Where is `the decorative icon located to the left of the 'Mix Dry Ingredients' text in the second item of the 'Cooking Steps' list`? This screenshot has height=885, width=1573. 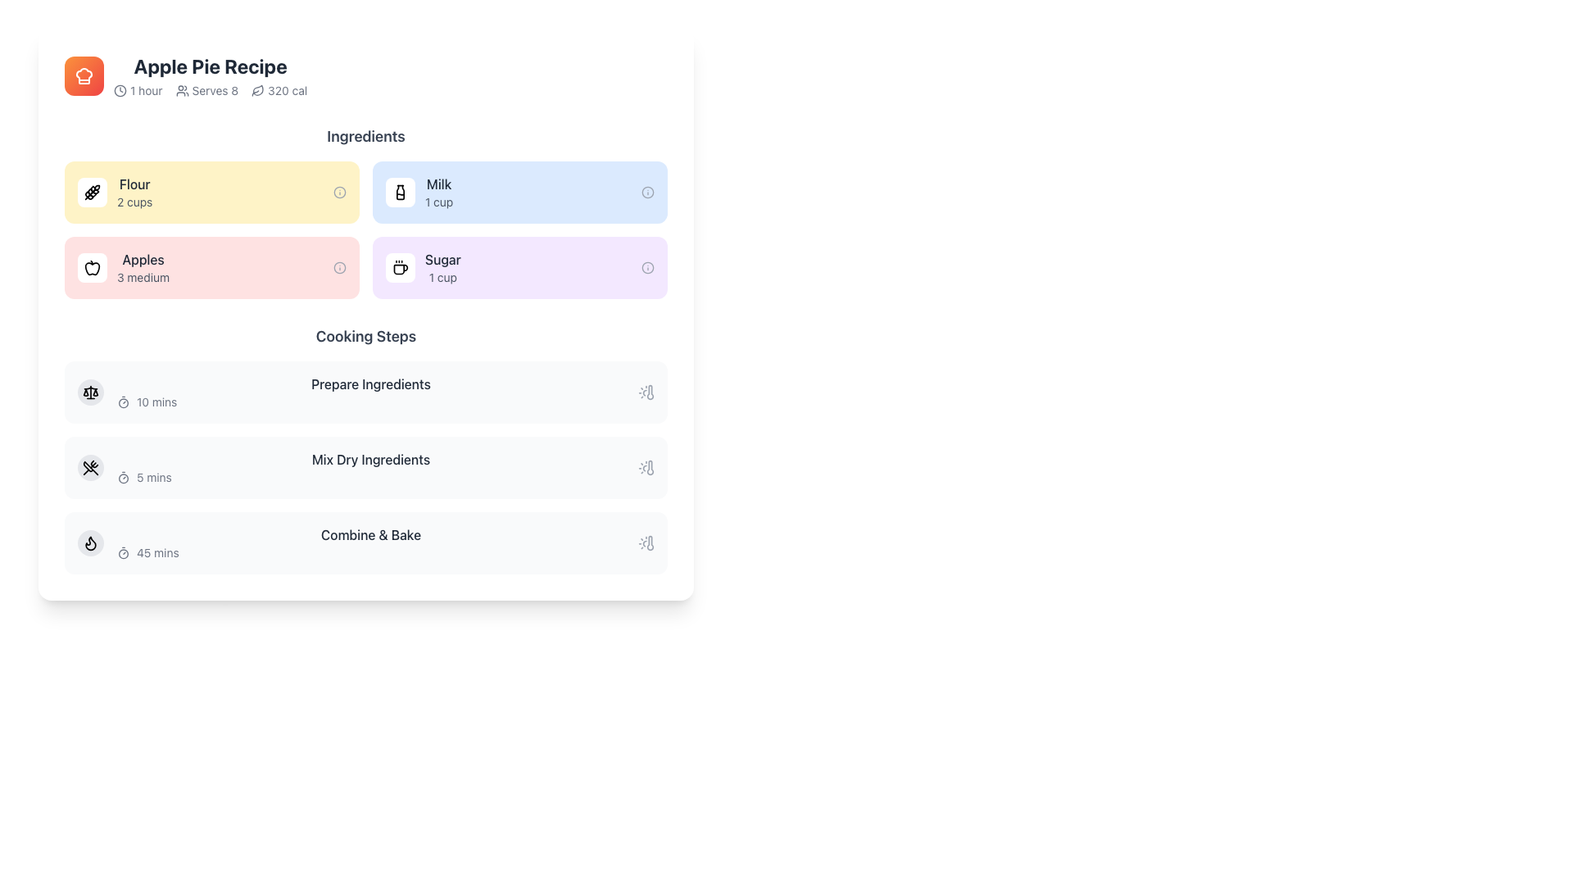 the decorative icon located to the left of the 'Mix Dry Ingredients' text in the second item of the 'Cooking Steps' list is located at coordinates (89, 467).